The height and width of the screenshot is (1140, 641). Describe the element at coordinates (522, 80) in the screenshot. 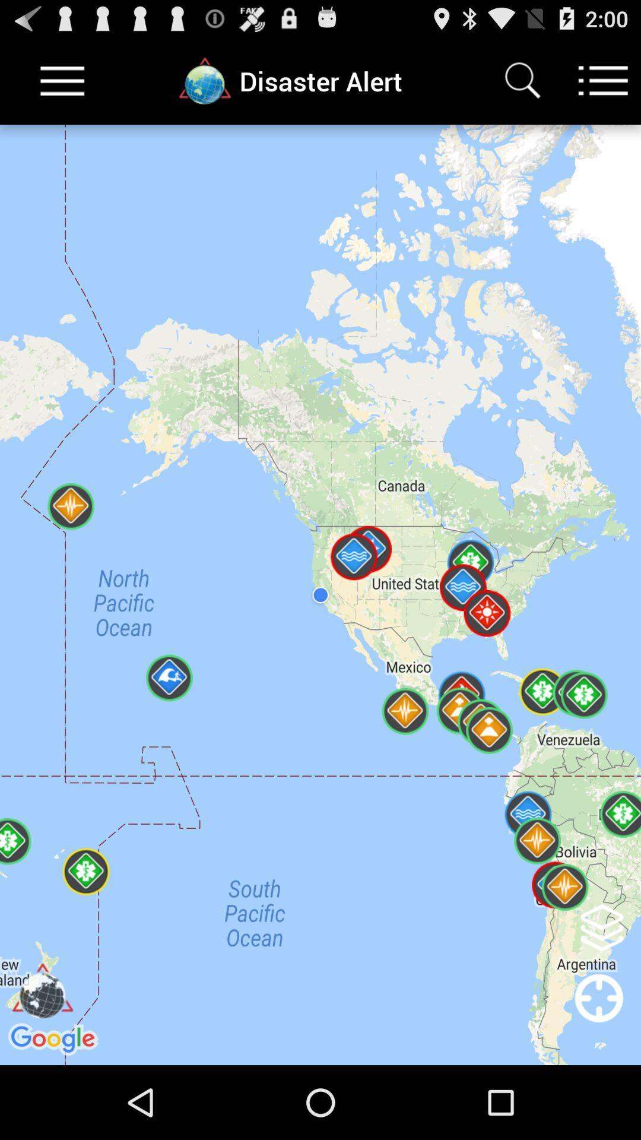

I see `item next to the disaster alert item` at that location.